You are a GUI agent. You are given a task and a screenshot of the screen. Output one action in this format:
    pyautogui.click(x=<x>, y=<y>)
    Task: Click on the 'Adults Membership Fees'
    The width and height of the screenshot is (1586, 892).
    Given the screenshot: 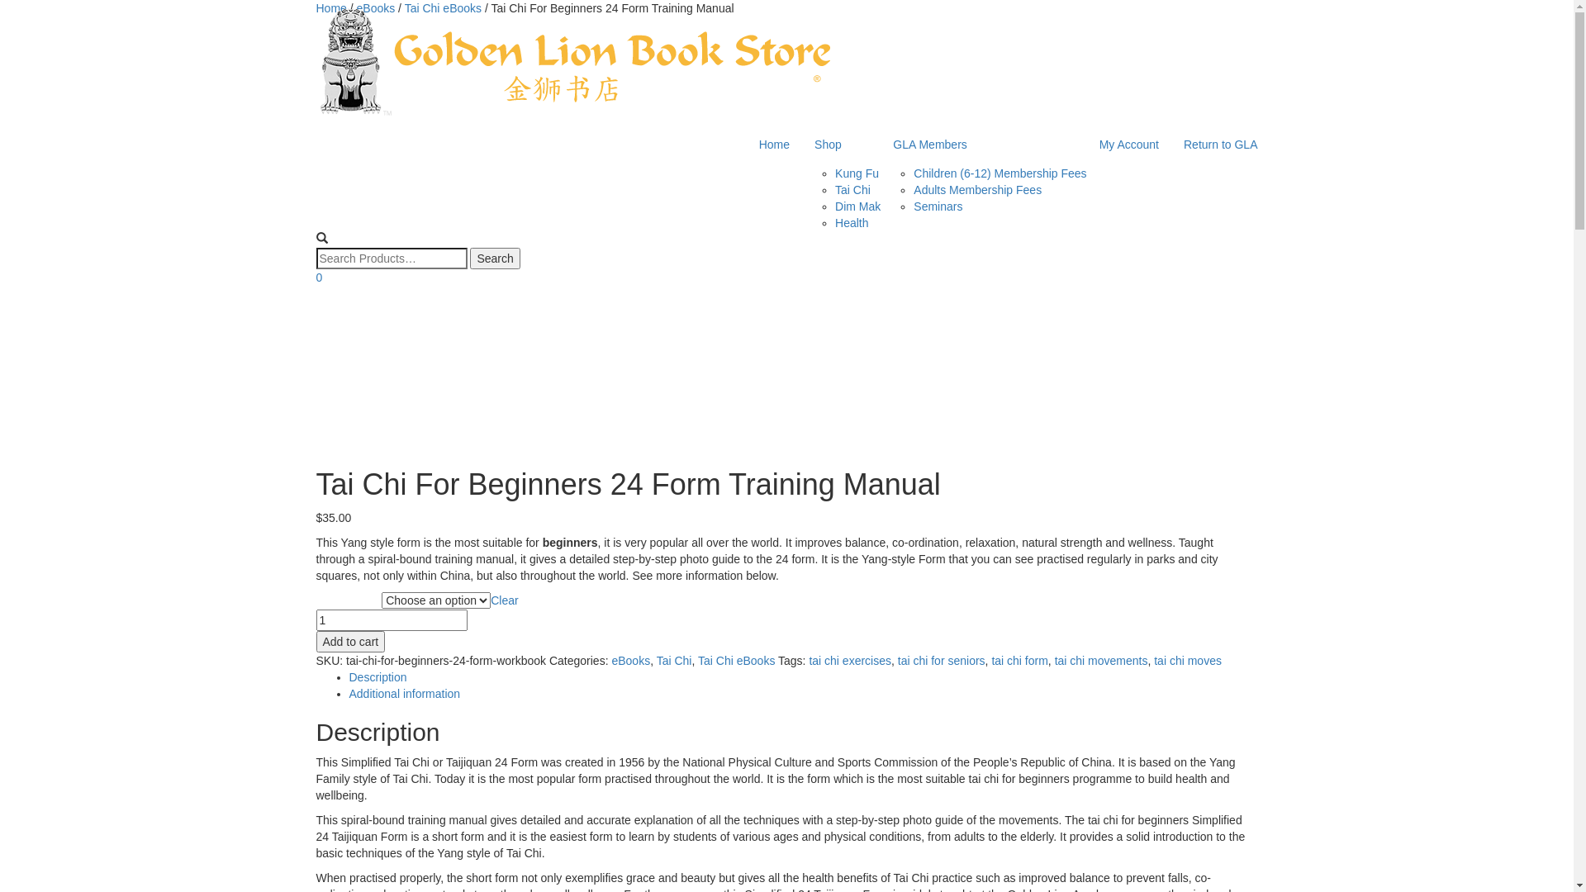 What is the action you would take?
    pyautogui.click(x=912, y=189)
    